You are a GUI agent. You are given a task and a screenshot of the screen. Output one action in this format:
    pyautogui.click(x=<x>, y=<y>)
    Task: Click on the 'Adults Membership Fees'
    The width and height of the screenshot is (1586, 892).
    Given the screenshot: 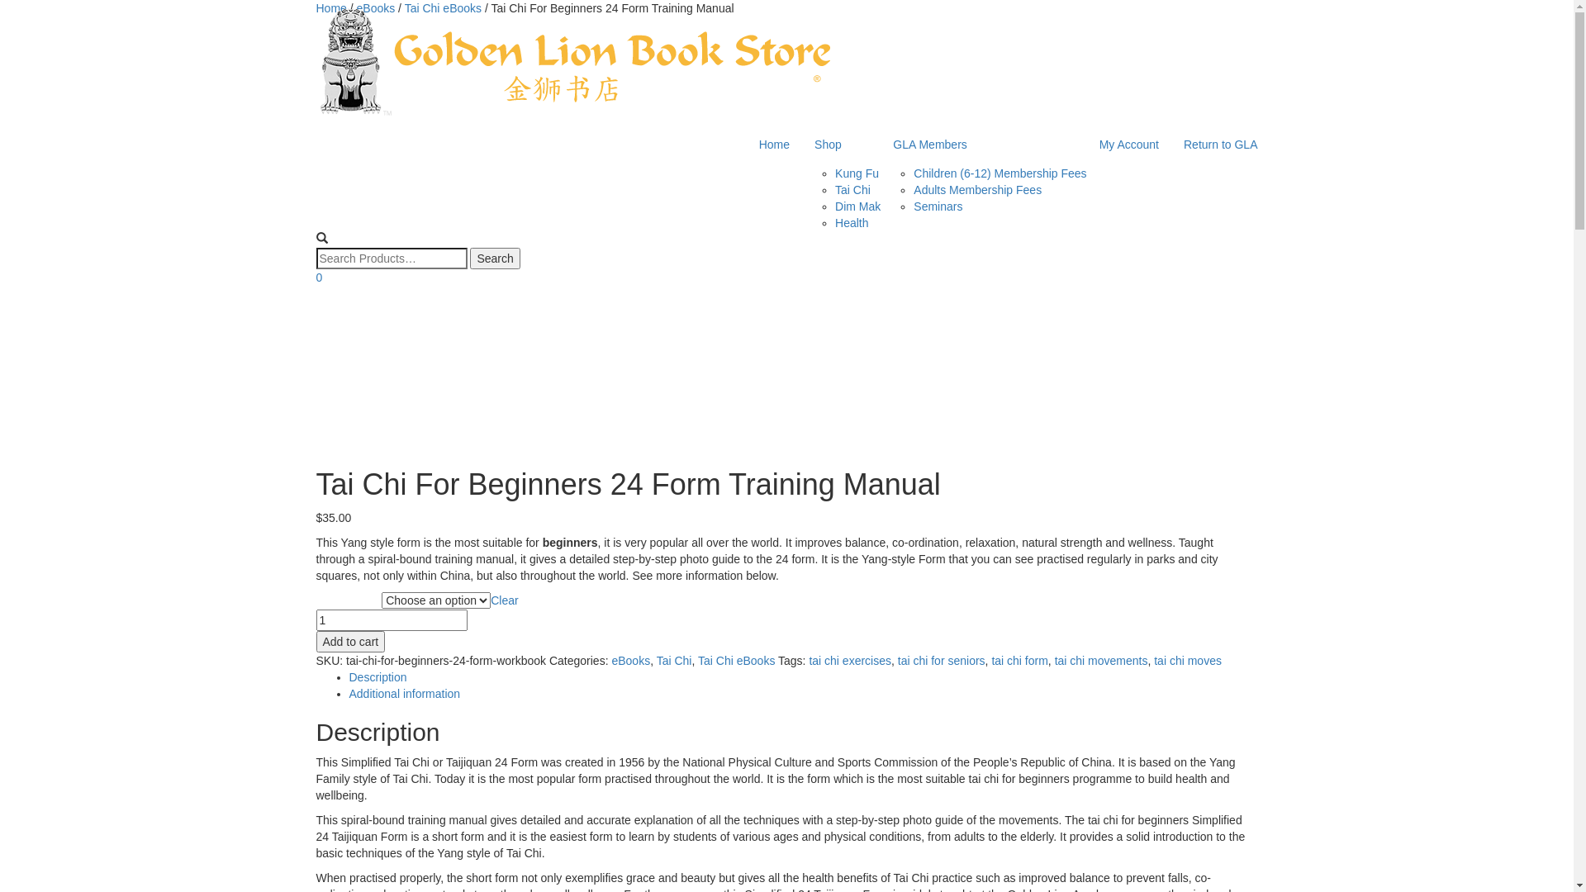 What is the action you would take?
    pyautogui.click(x=912, y=189)
    